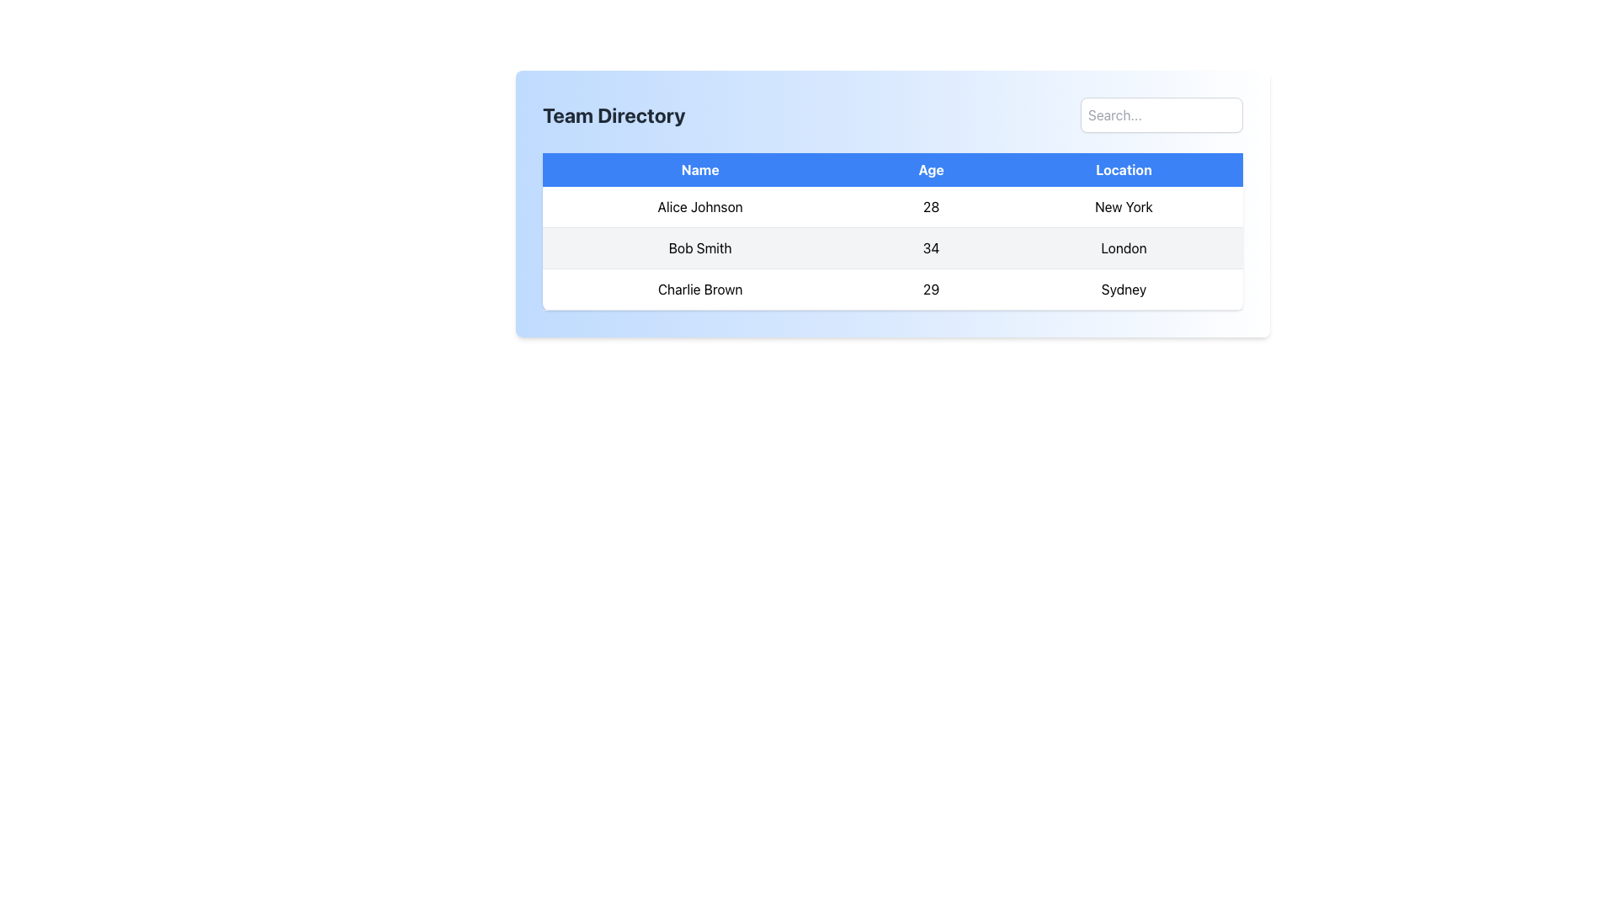  I want to click on the Table Cell displaying the number '29' under the 'Age' column, aligned with 'Charlie Brown', so click(930, 288).